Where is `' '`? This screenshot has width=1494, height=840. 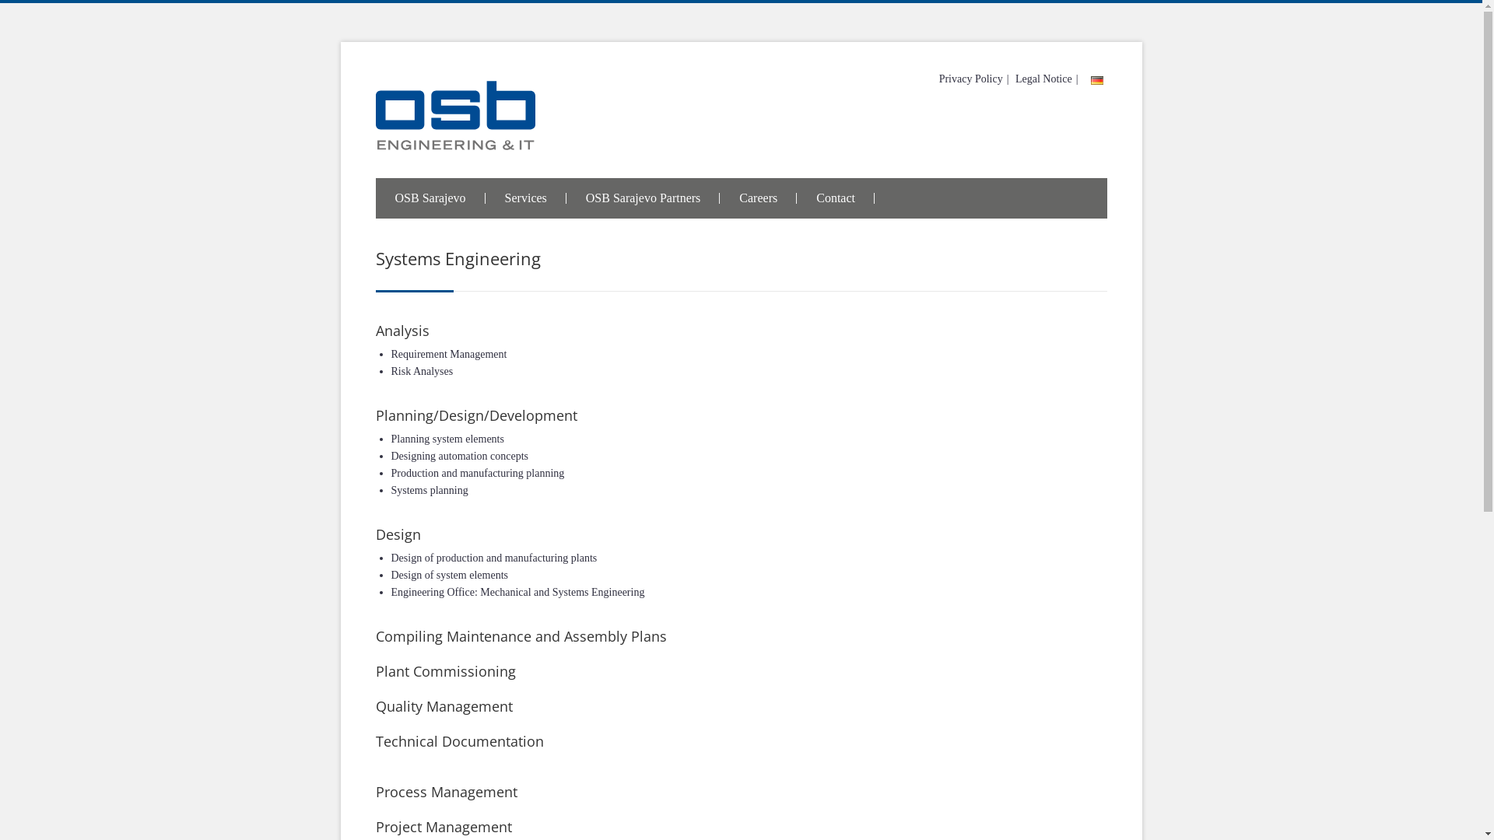 ' ' is located at coordinates (1093, 79).